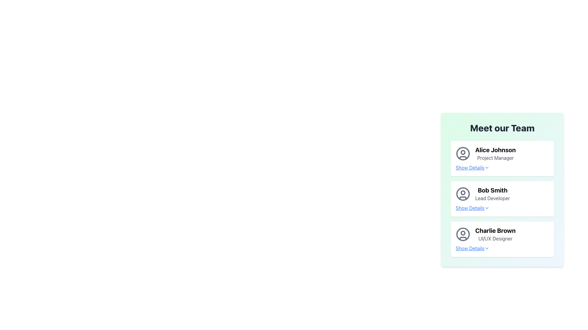 This screenshot has height=330, width=588. Describe the element at coordinates (502, 248) in the screenshot. I see `the 'Show Details' interactive link, which is styled with blue color and an underline, located at the bottom of the third card in the 'Meet our Team' section under 'Charlie Brown' and 'UI/UX Designer'` at that location.